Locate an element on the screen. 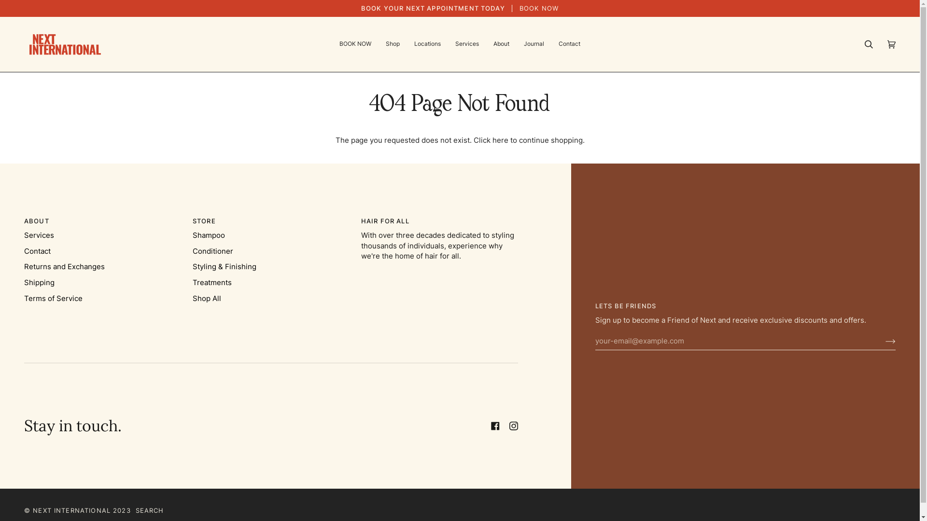 The width and height of the screenshot is (927, 521). 'BOOK NOW' is located at coordinates (354, 44).